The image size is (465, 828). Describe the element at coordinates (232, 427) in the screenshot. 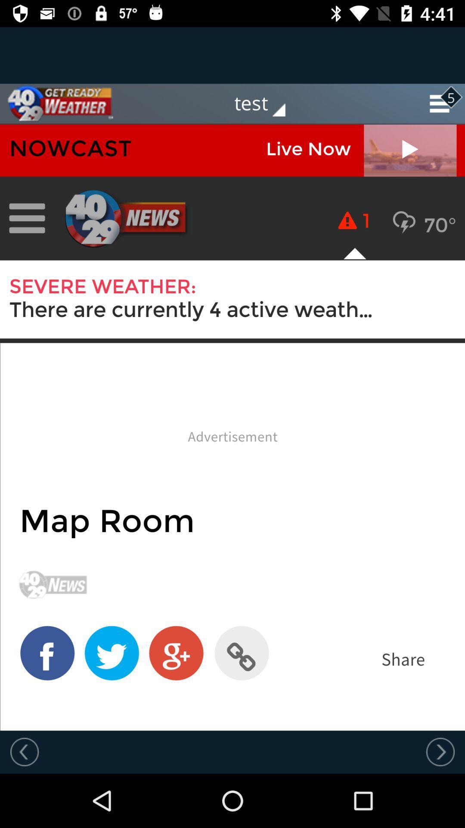

I see `open weather report` at that location.